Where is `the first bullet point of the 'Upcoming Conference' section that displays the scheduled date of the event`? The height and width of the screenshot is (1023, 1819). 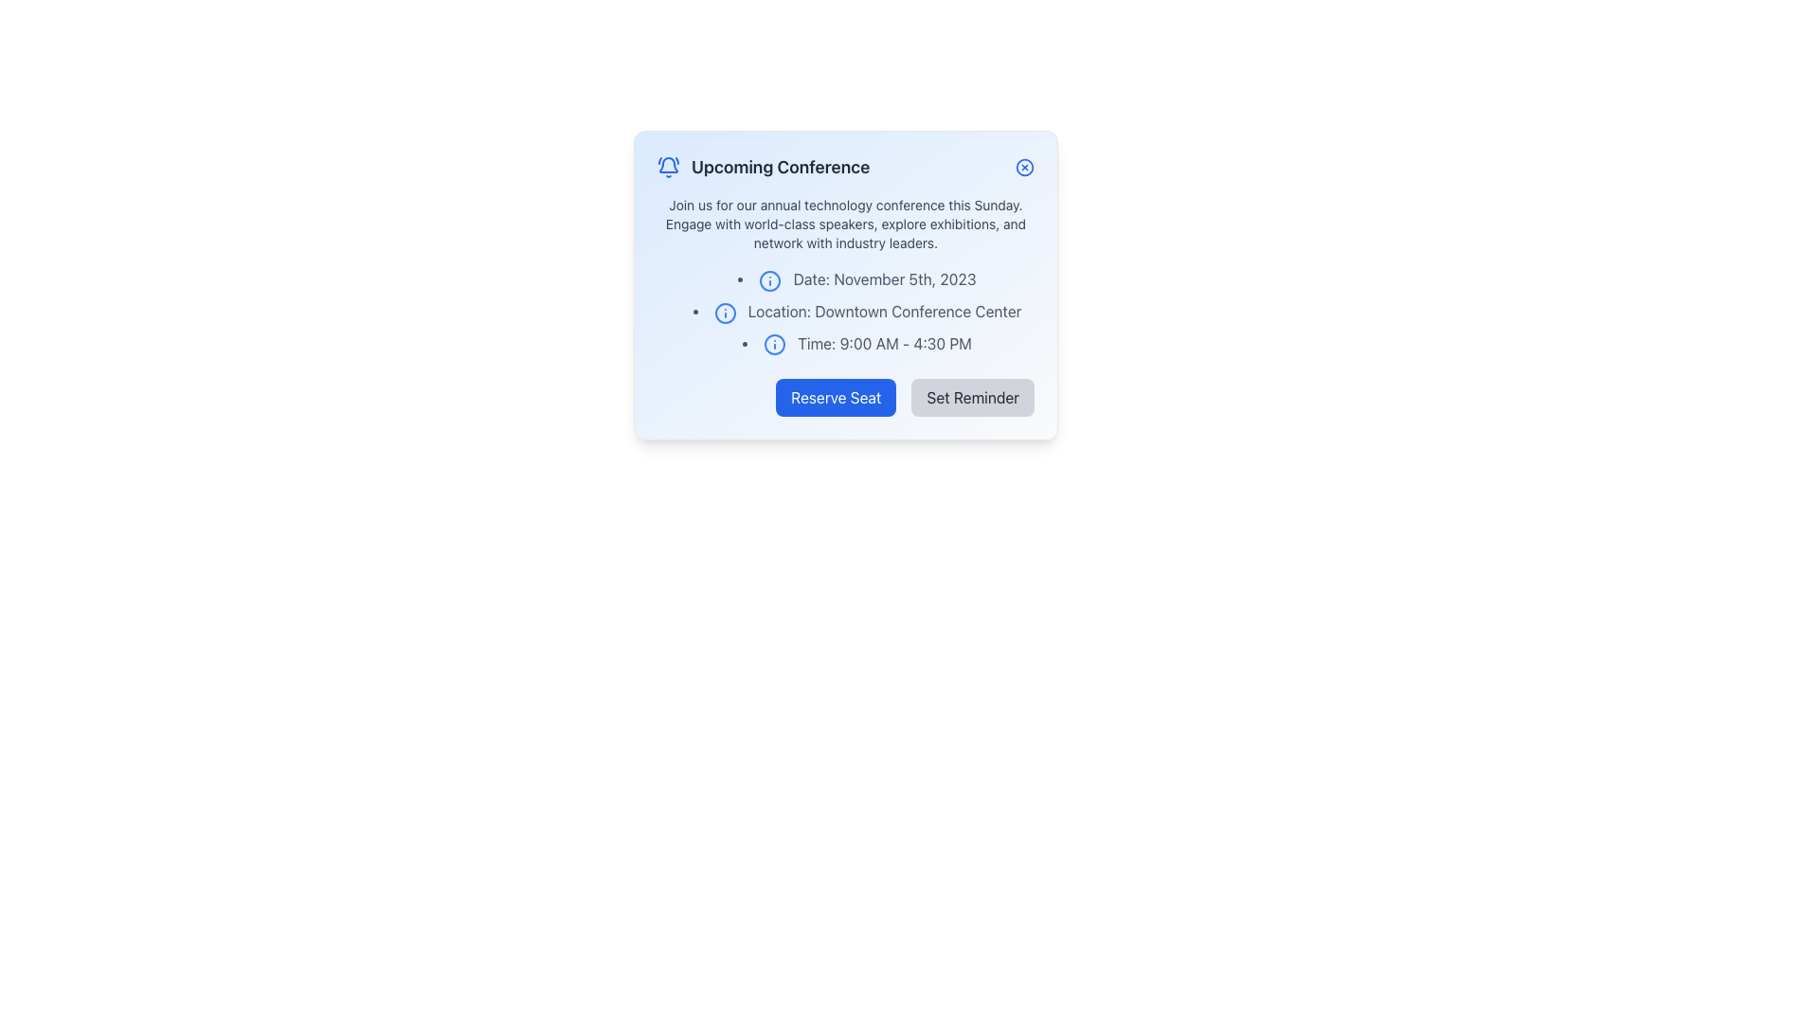 the first bullet point of the 'Upcoming Conference' section that displays the scheduled date of the event is located at coordinates (856, 278).